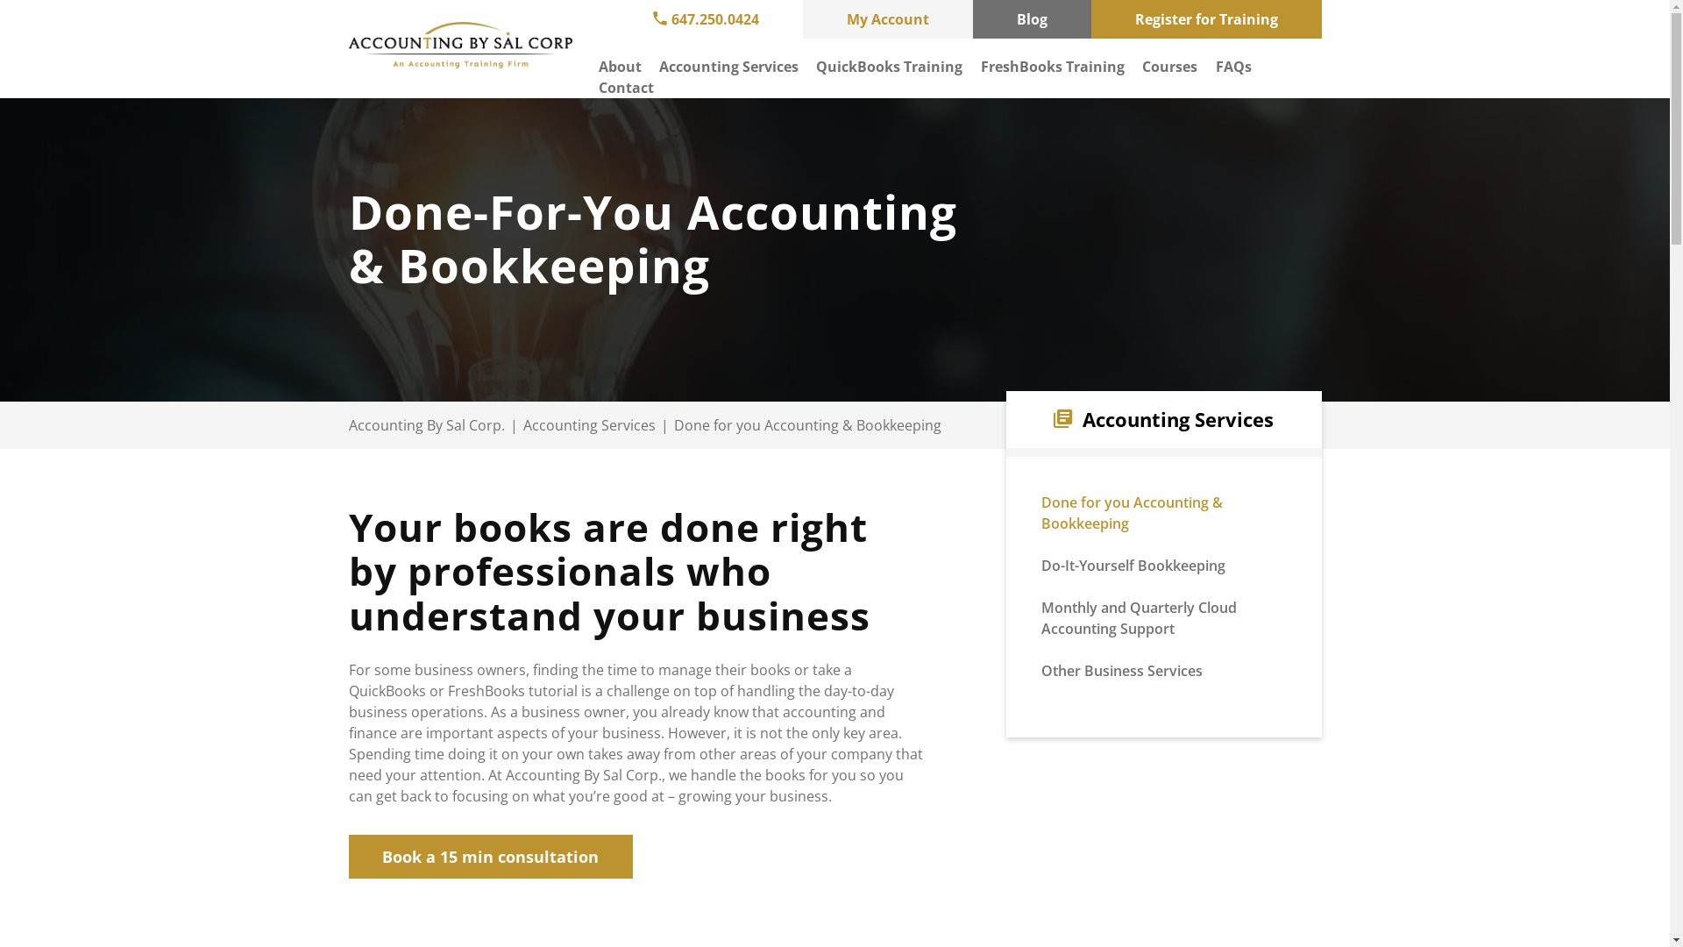 The width and height of the screenshot is (1683, 947). I want to click on 'Other Business Services', so click(1122, 670).